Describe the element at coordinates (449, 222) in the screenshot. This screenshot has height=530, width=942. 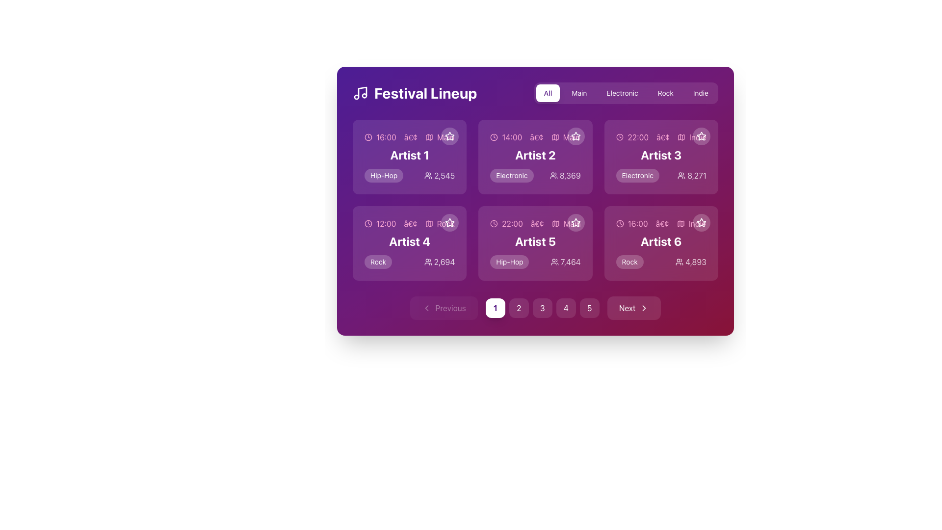
I see `the star icon` at that location.